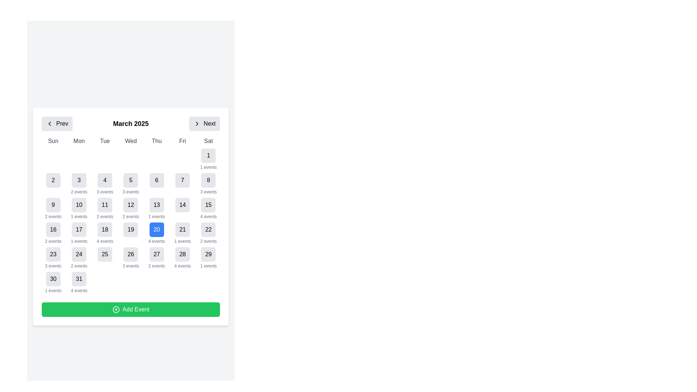 This screenshot has height=392, width=697. What do you see at coordinates (131, 233) in the screenshot?
I see `the small square button with a light gray background and the number '19' displayed in black font` at bounding box center [131, 233].